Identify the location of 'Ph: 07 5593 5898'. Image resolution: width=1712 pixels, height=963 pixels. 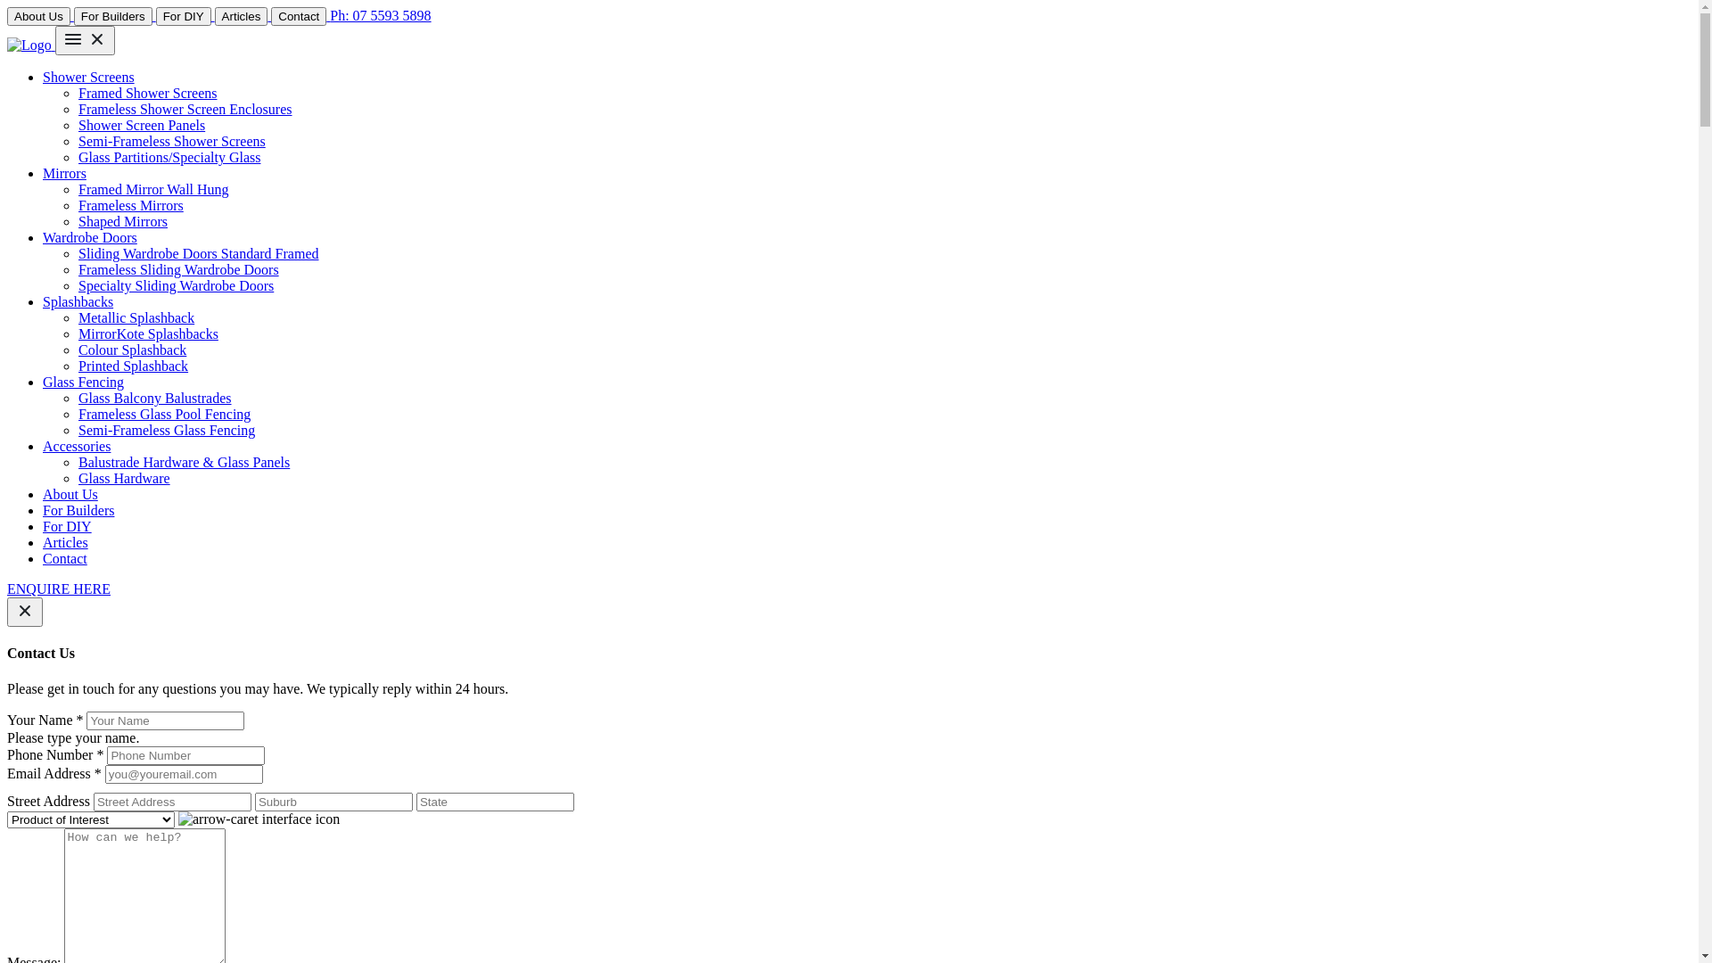
(379, 15).